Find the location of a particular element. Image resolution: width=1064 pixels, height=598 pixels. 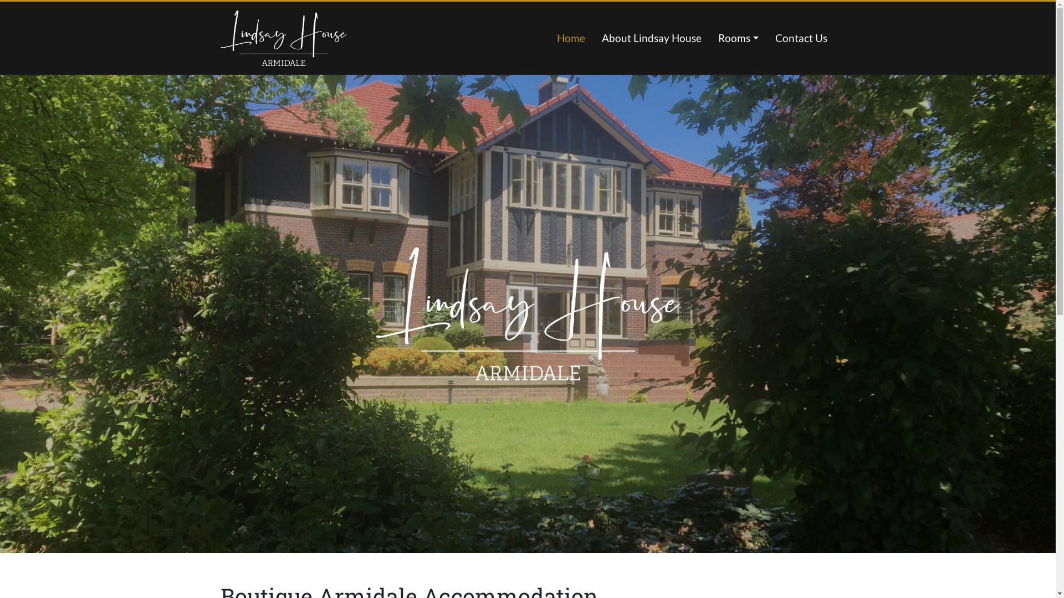

'About Lindsay House' is located at coordinates (652, 38).